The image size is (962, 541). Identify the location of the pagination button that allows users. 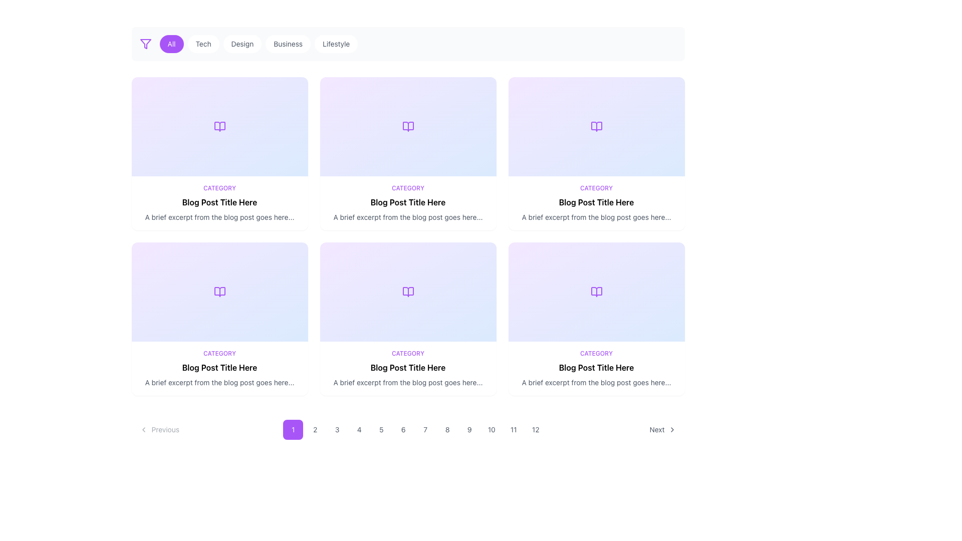
(535, 429).